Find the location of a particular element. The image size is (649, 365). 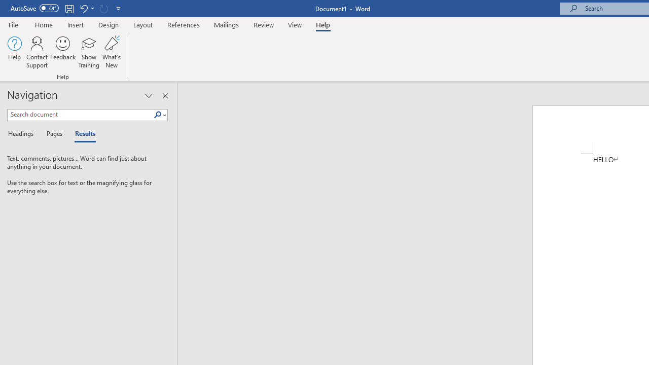

'Close pane' is located at coordinates (165, 96).